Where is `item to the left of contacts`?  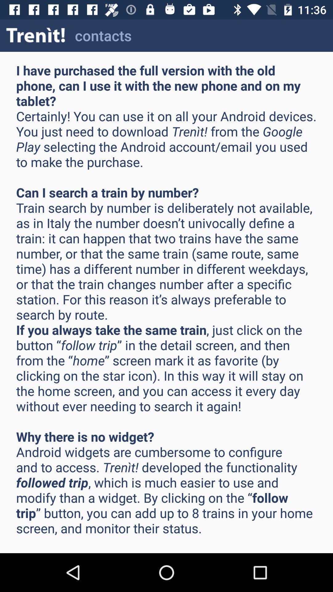 item to the left of contacts is located at coordinates (36, 35).